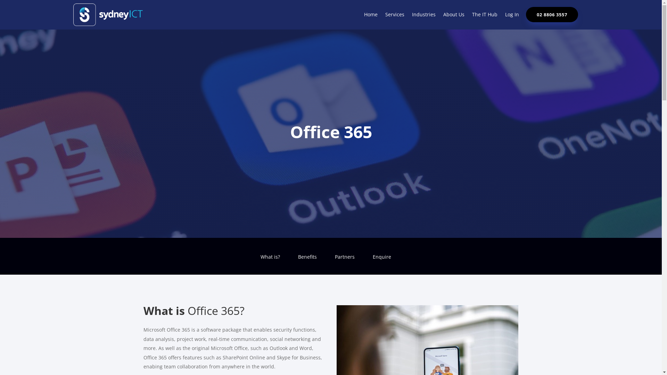  Describe the element at coordinates (443, 16) in the screenshot. I see `'About Us'` at that location.